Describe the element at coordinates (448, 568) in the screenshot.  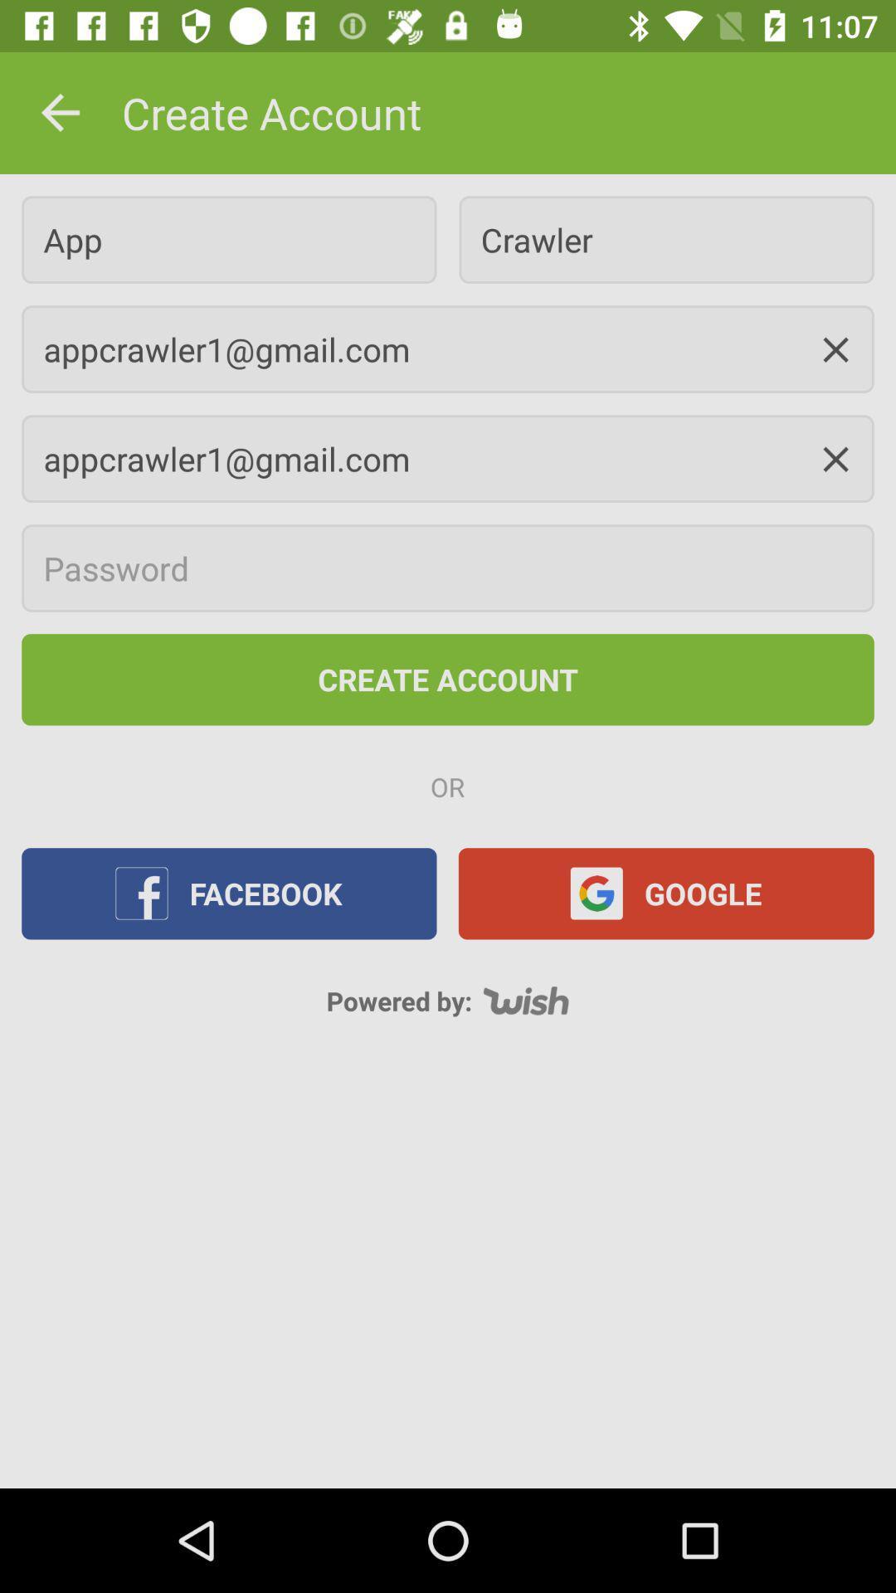
I see `password` at that location.